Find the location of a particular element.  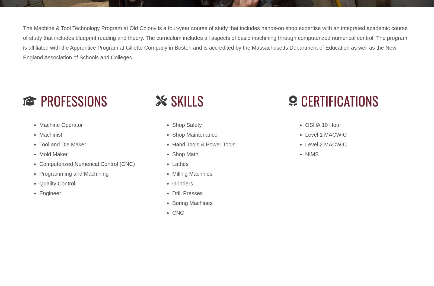

'Milling Machines' is located at coordinates (192, 174).